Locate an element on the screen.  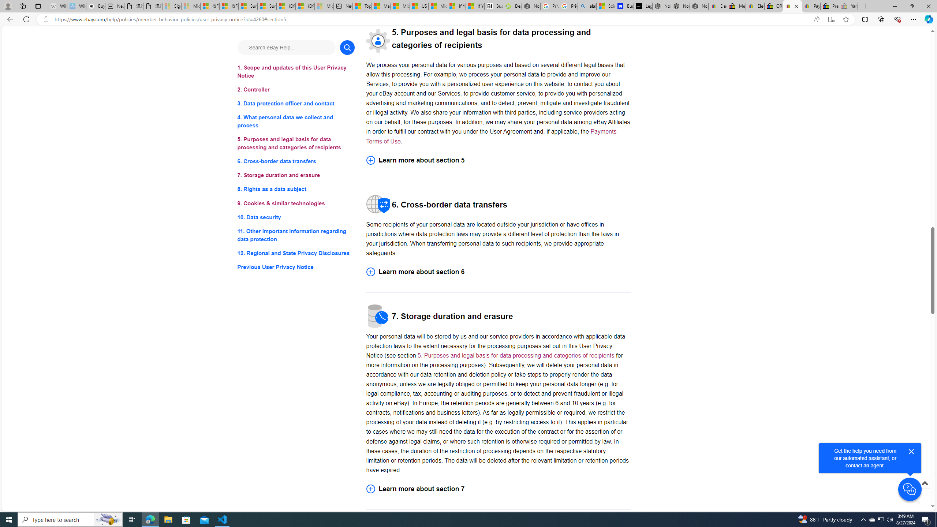
'6. Cross-border data transfers' is located at coordinates (295, 161).